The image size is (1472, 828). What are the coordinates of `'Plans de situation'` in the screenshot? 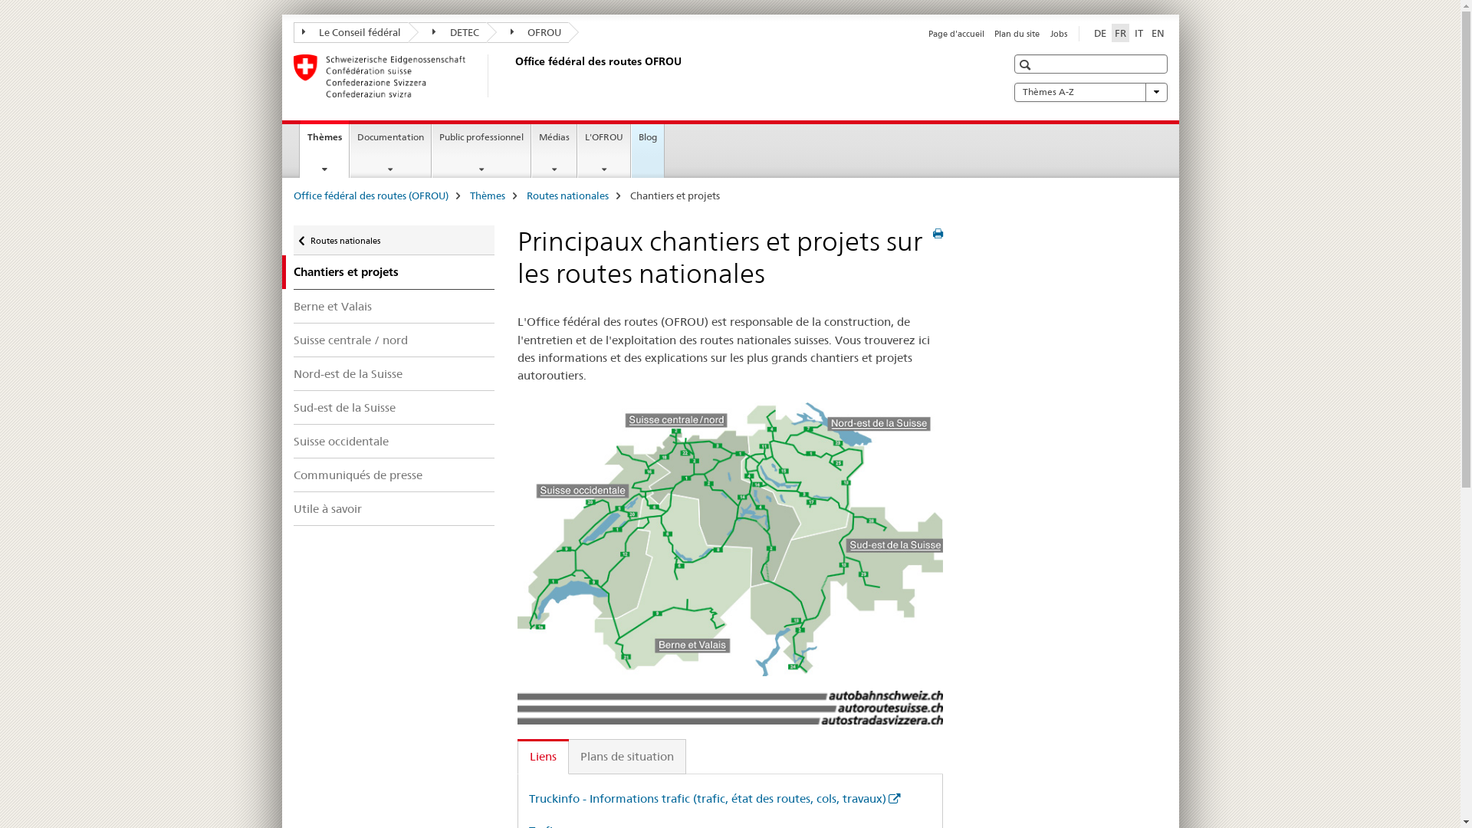 It's located at (627, 756).